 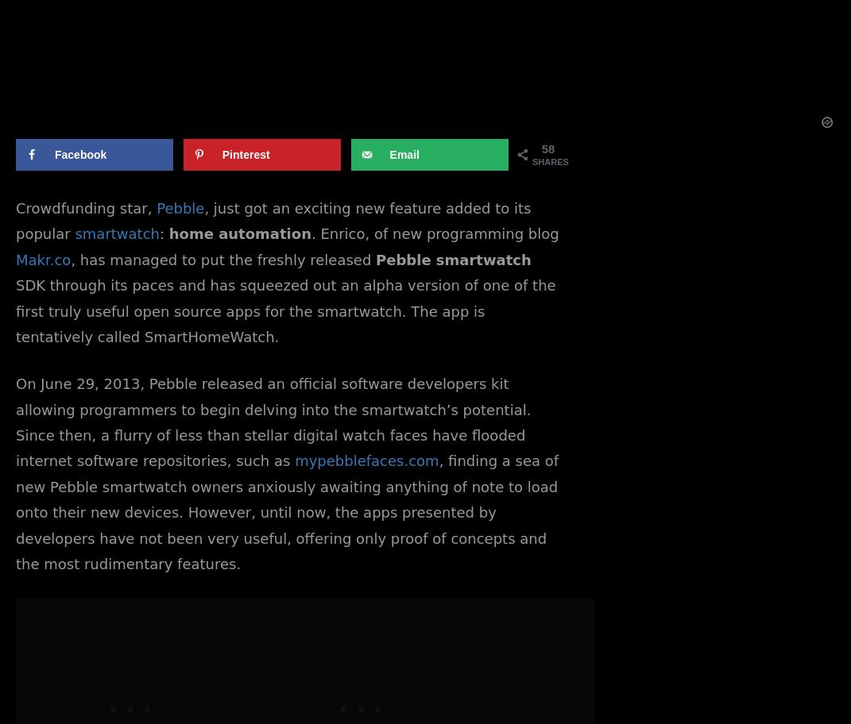 I want to click on 'SDK through its paces and has squeezed out an alpha version of one of the first truly useful open source apps for the smartwatch. The app is tentatively called SmartHomeWatch.', so click(x=284, y=310).